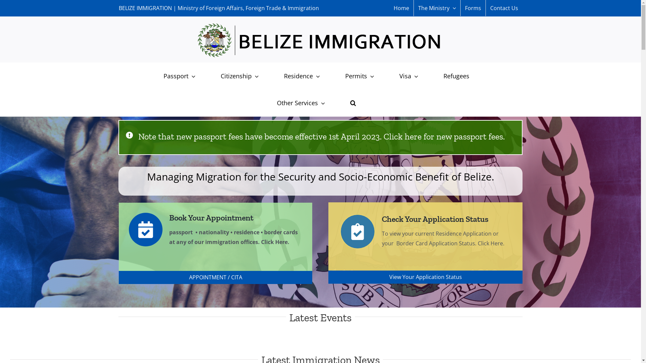 The width and height of the screenshot is (646, 363). Describe the element at coordinates (353, 103) in the screenshot. I see `'Search'` at that location.